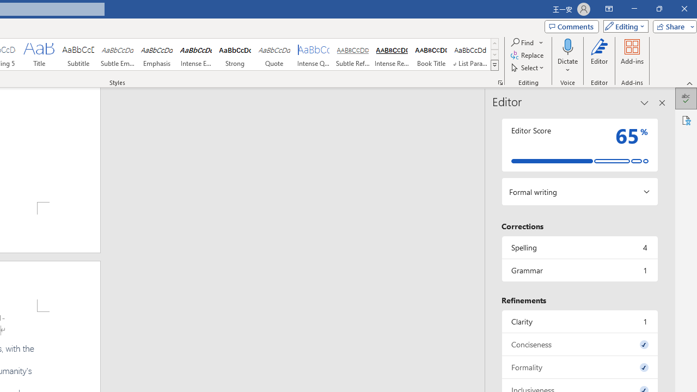 Image resolution: width=697 pixels, height=392 pixels. Describe the element at coordinates (528, 68) in the screenshot. I see `'Select'` at that location.